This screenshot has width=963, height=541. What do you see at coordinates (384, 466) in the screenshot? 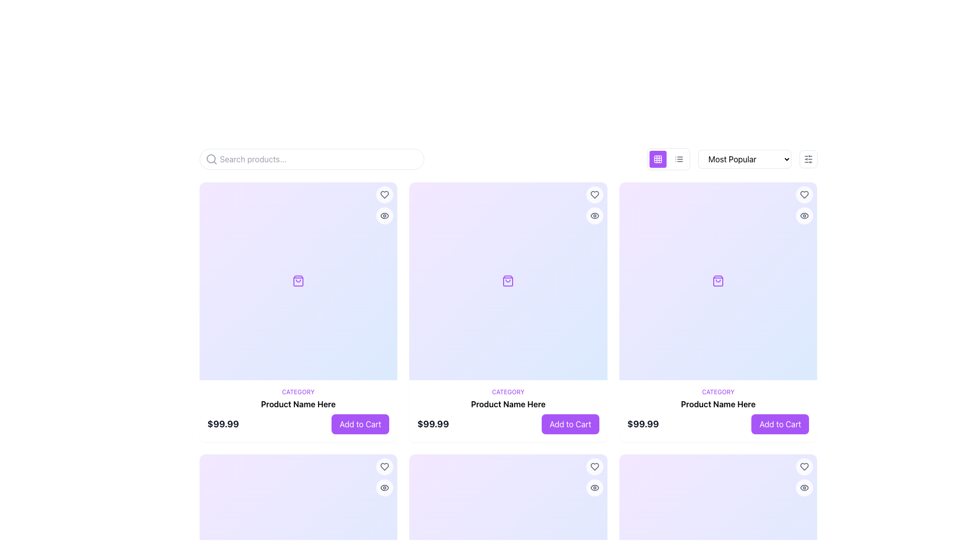
I see `the favorite icon located in the top-right portion of a product card` at bounding box center [384, 466].